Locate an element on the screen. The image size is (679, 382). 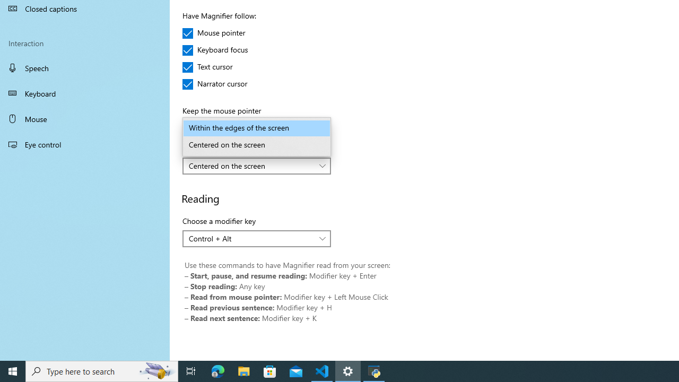
'Settings - 1 running window' is located at coordinates (348, 370).